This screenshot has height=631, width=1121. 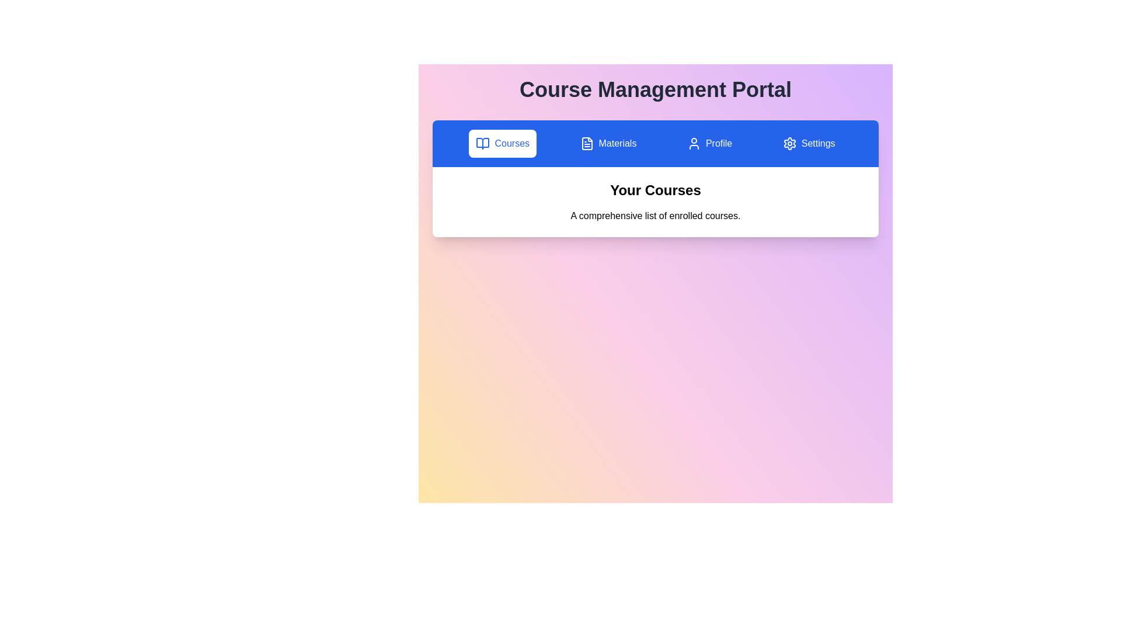 What do you see at coordinates (483, 143) in the screenshot?
I see `the 'Courses' button, which is represented by an icon resembling an open book, located in the top navigation bar of the interface` at bounding box center [483, 143].